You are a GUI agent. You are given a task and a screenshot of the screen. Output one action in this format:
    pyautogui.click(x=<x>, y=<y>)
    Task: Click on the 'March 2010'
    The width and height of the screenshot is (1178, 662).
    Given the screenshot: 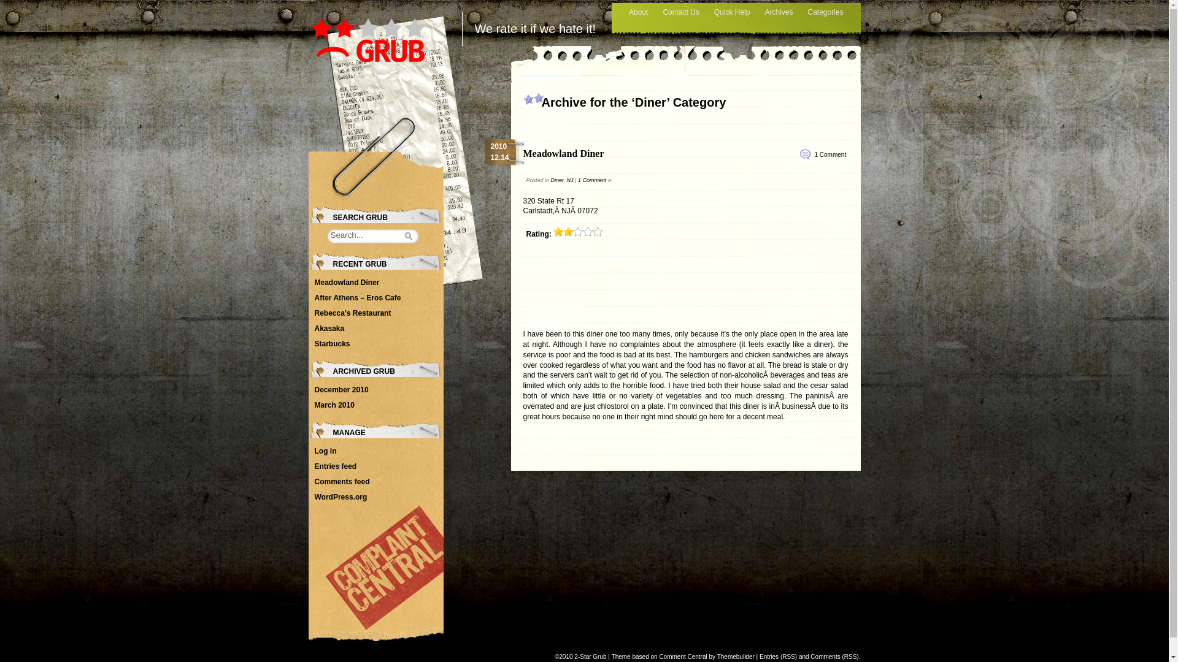 What is the action you would take?
    pyautogui.click(x=334, y=405)
    